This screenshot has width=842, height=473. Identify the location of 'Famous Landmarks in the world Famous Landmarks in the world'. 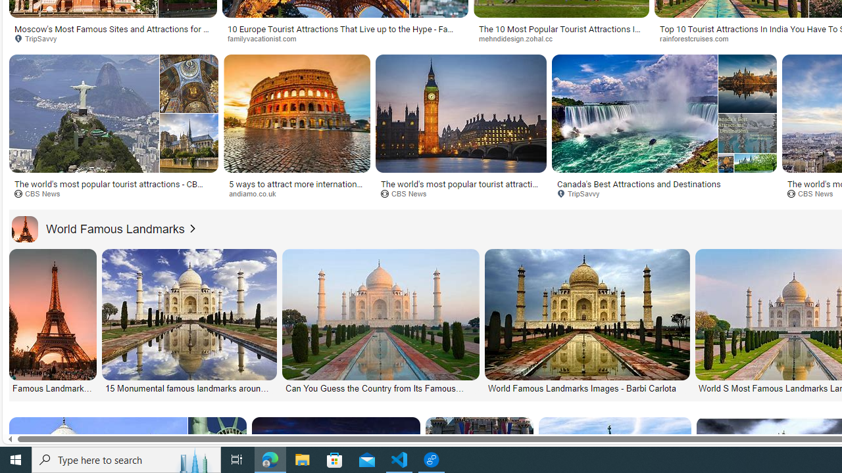
(53, 321).